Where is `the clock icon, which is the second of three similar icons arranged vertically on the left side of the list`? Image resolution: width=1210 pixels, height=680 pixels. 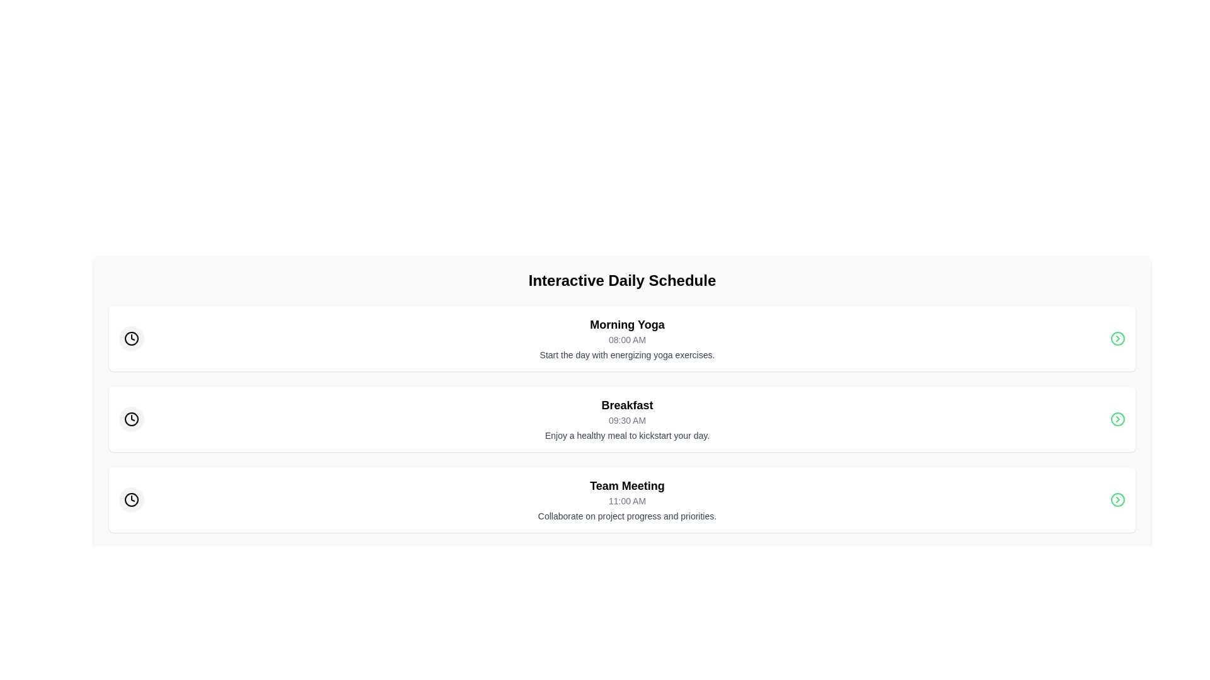
the clock icon, which is the second of three similar icons arranged vertically on the left side of the list is located at coordinates (132, 419).